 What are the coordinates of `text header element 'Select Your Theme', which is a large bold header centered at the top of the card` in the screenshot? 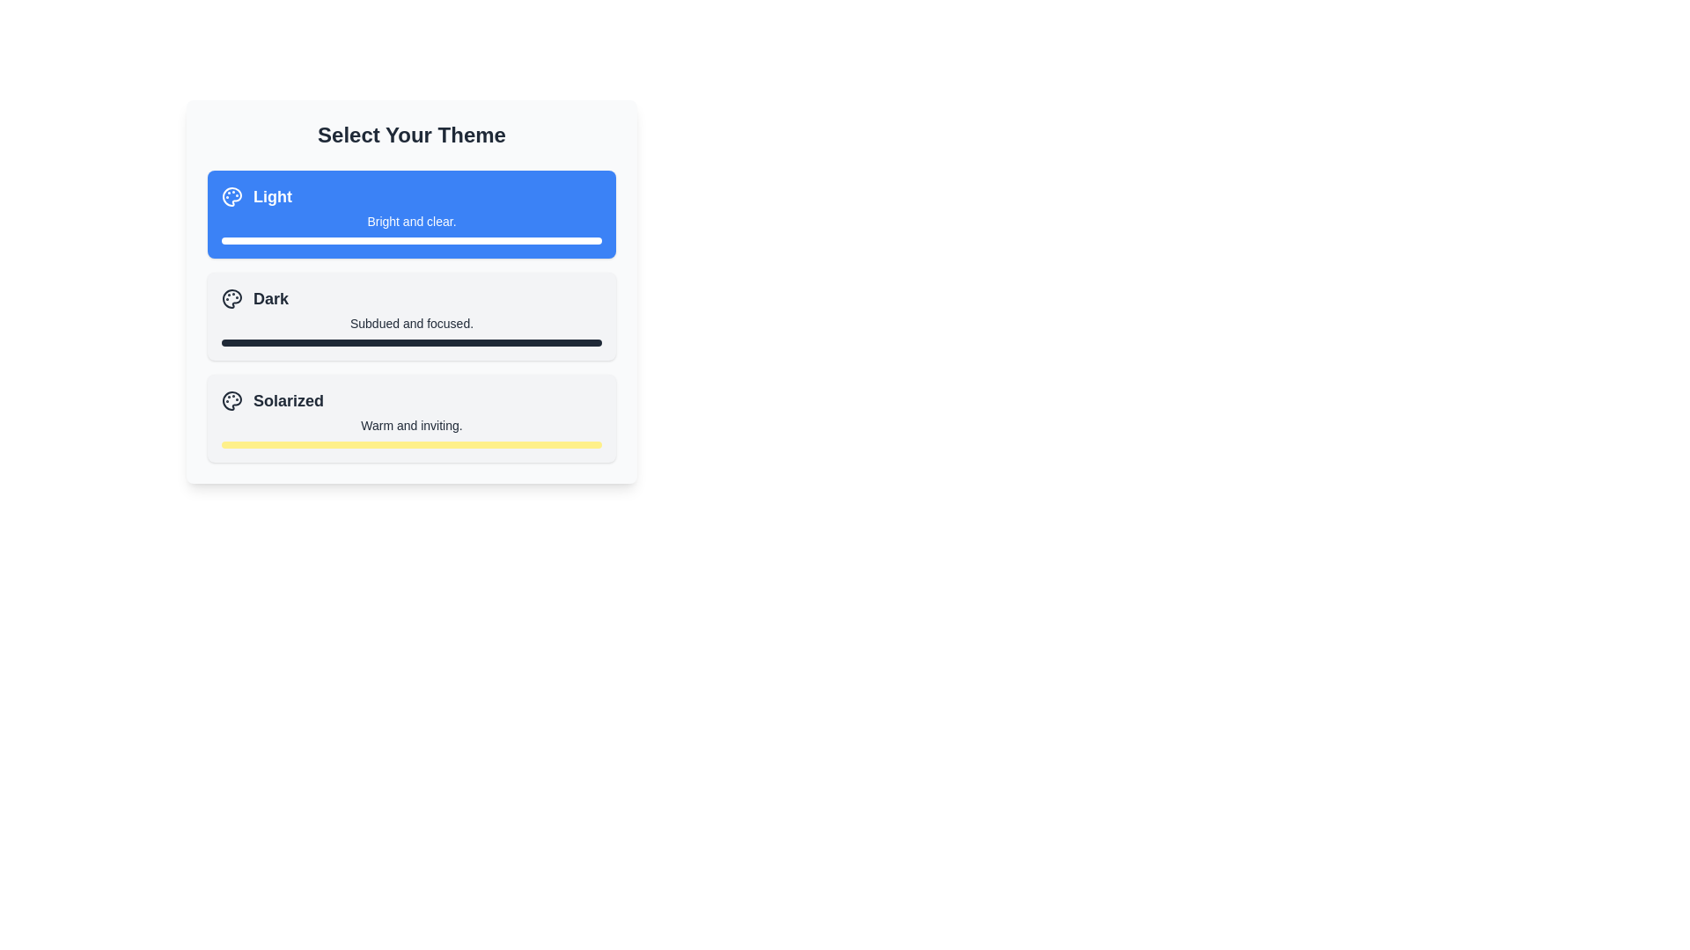 It's located at (410, 135).